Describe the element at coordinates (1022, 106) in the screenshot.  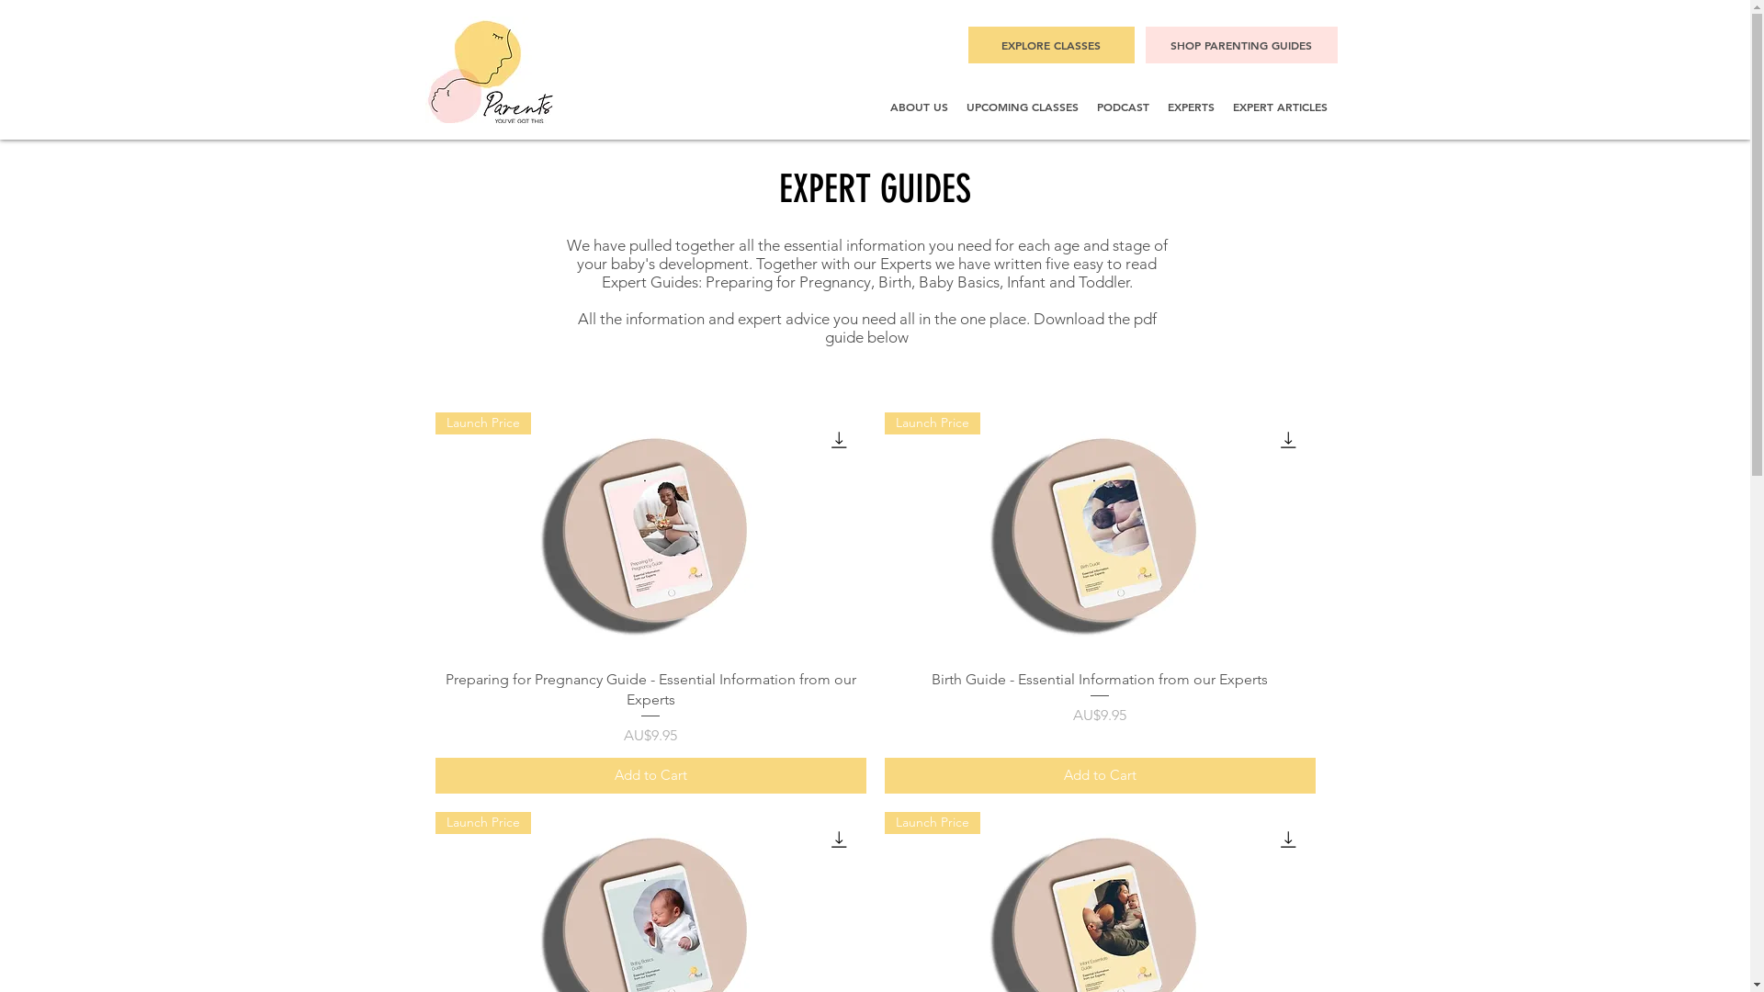
I see `'UPCOMING CLASSES'` at that location.